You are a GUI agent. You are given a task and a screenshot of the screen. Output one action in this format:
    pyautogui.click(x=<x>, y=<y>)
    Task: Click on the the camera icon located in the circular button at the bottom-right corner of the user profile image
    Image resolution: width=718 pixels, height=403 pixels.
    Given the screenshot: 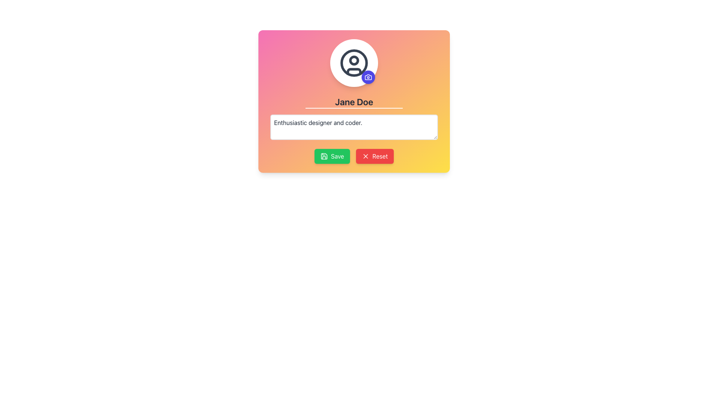 What is the action you would take?
    pyautogui.click(x=368, y=77)
    